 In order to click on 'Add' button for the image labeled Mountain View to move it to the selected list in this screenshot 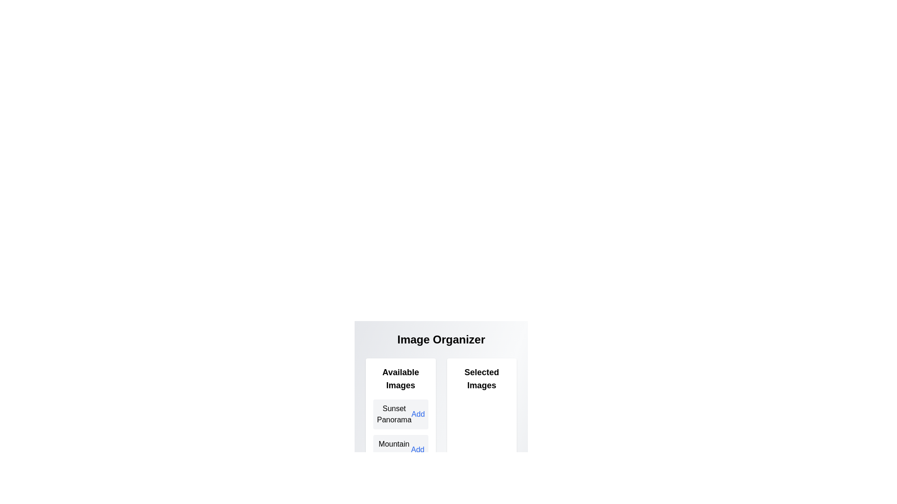, I will do `click(417, 449)`.